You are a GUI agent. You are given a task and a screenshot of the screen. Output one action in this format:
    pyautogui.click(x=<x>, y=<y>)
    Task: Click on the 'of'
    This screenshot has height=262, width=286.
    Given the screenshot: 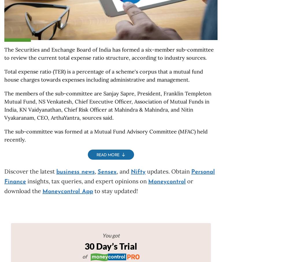 What is the action you would take?
    pyautogui.click(x=85, y=257)
    